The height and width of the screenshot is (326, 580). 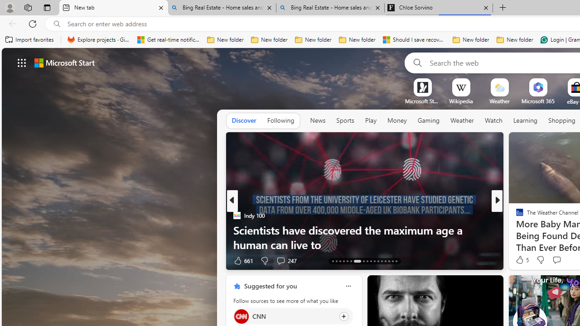 What do you see at coordinates (385, 261) in the screenshot?
I see `'AutomationID: tab-39'` at bounding box center [385, 261].